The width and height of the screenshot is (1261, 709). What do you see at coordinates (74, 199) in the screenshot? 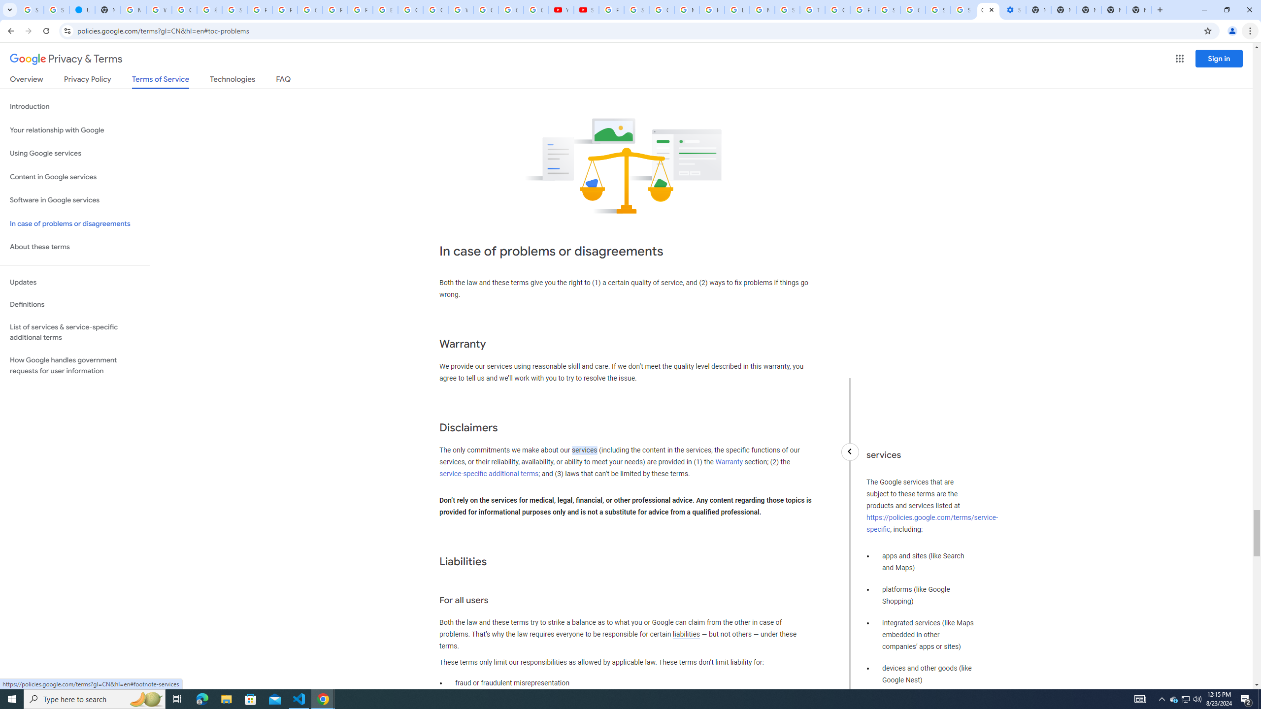
I see `'Software in Google services'` at bounding box center [74, 199].